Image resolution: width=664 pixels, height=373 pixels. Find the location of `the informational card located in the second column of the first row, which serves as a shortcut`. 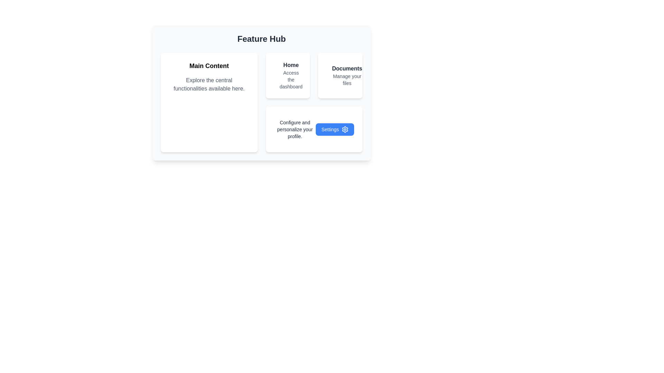

the informational card located in the second column of the first row, which serves as a shortcut is located at coordinates (288, 76).